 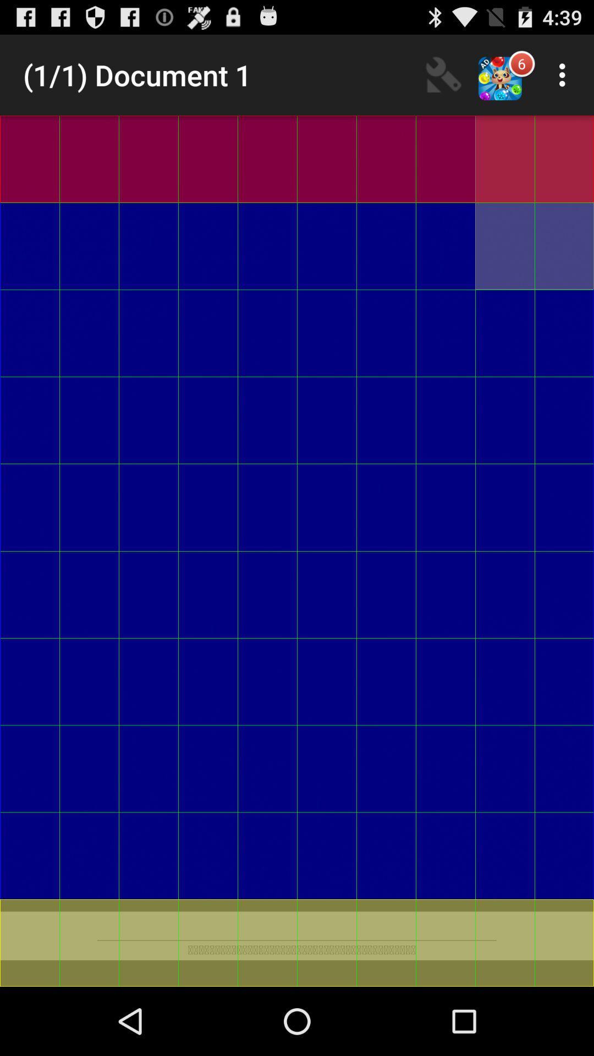 I want to click on the app next to the 6 item, so click(x=565, y=74).